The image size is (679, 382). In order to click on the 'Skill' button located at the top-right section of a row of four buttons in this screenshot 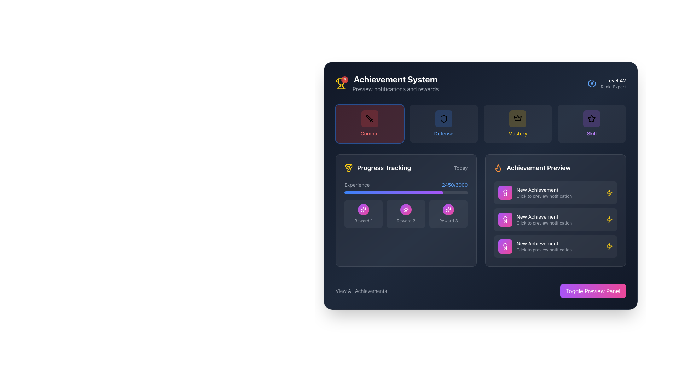, I will do `click(592, 118)`.